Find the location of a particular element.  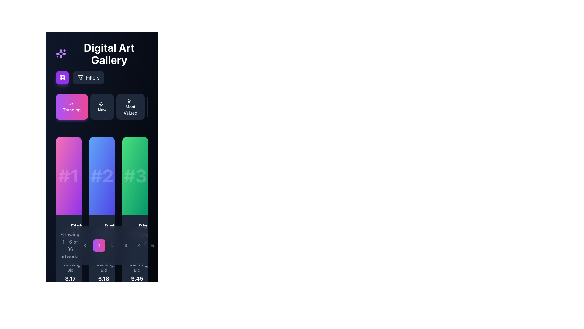

the rounded square button with a gradient background from purple to pink, containing the number '1' in white is located at coordinates (102, 245).